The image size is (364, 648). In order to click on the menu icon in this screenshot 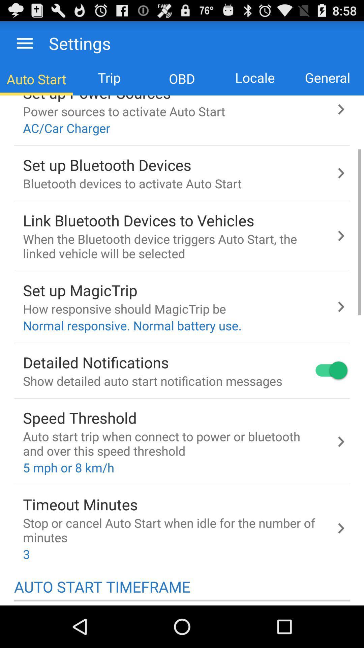, I will do `click(24, 46)`.